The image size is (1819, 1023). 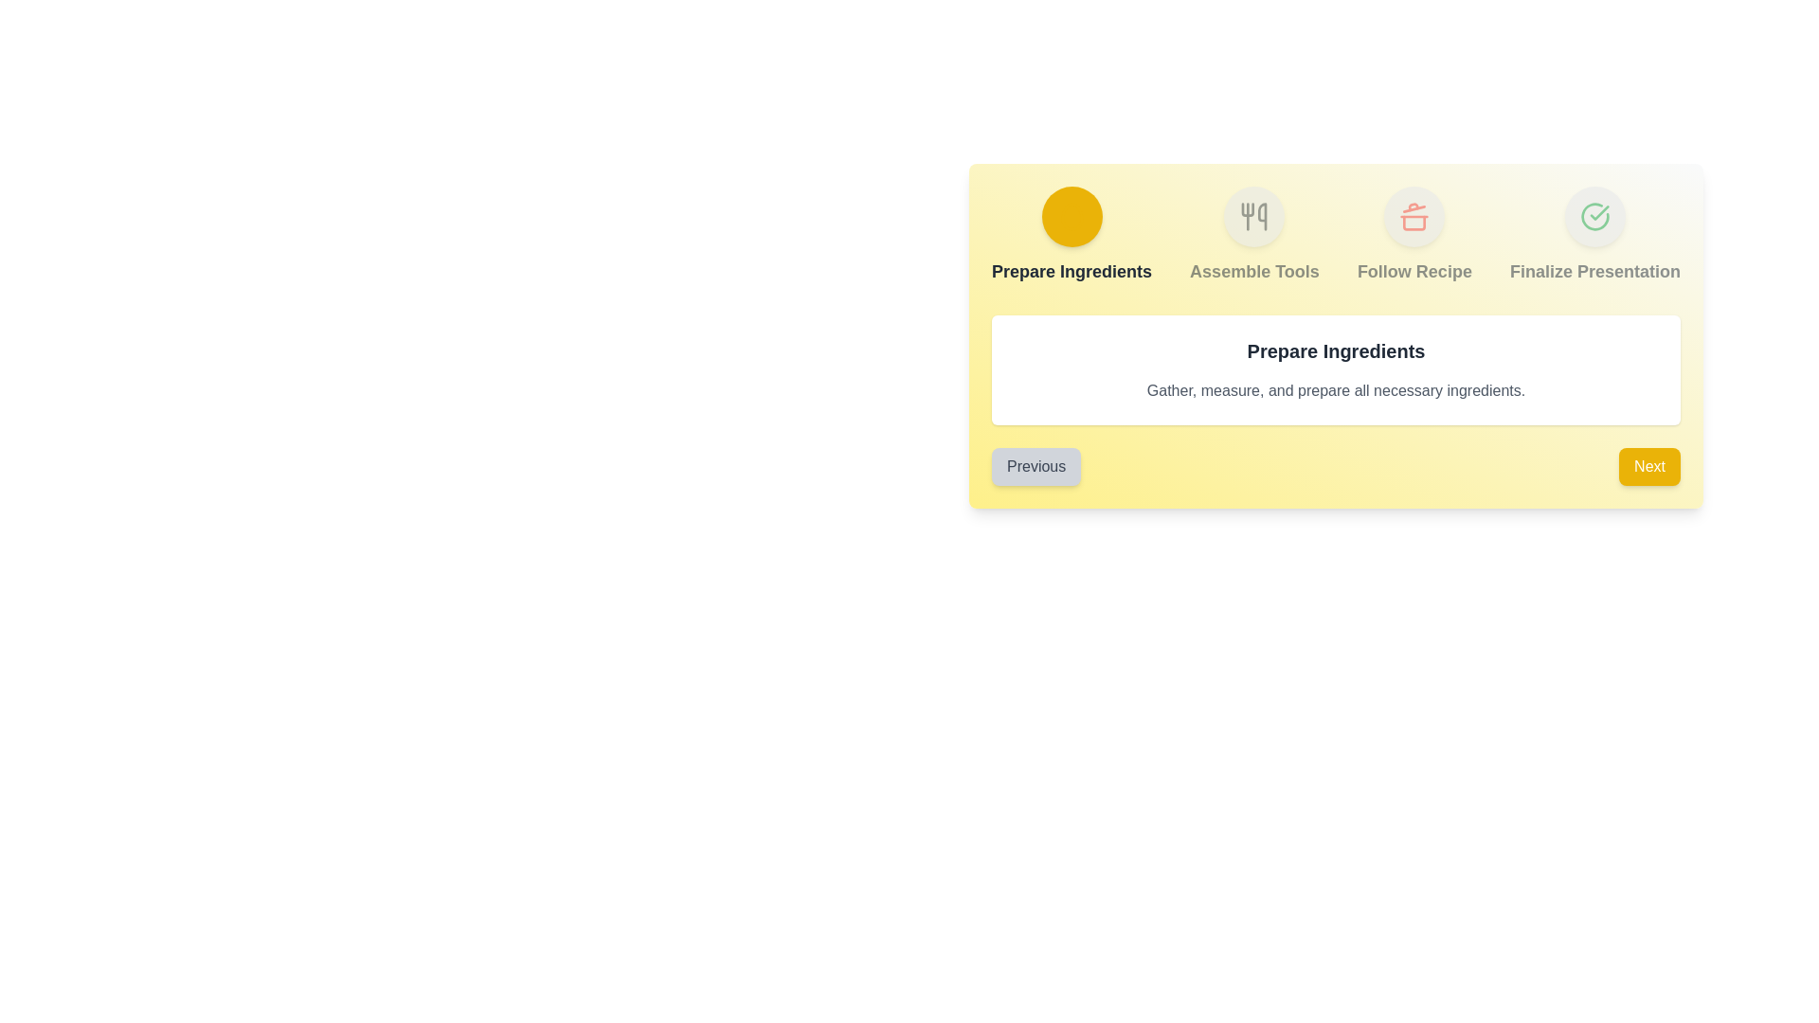 What do you see at coordinates (1254, 235) in the screenshot?
I see `the 'Assemble Tools' icon with text label` at bounding box center [1254, 235].